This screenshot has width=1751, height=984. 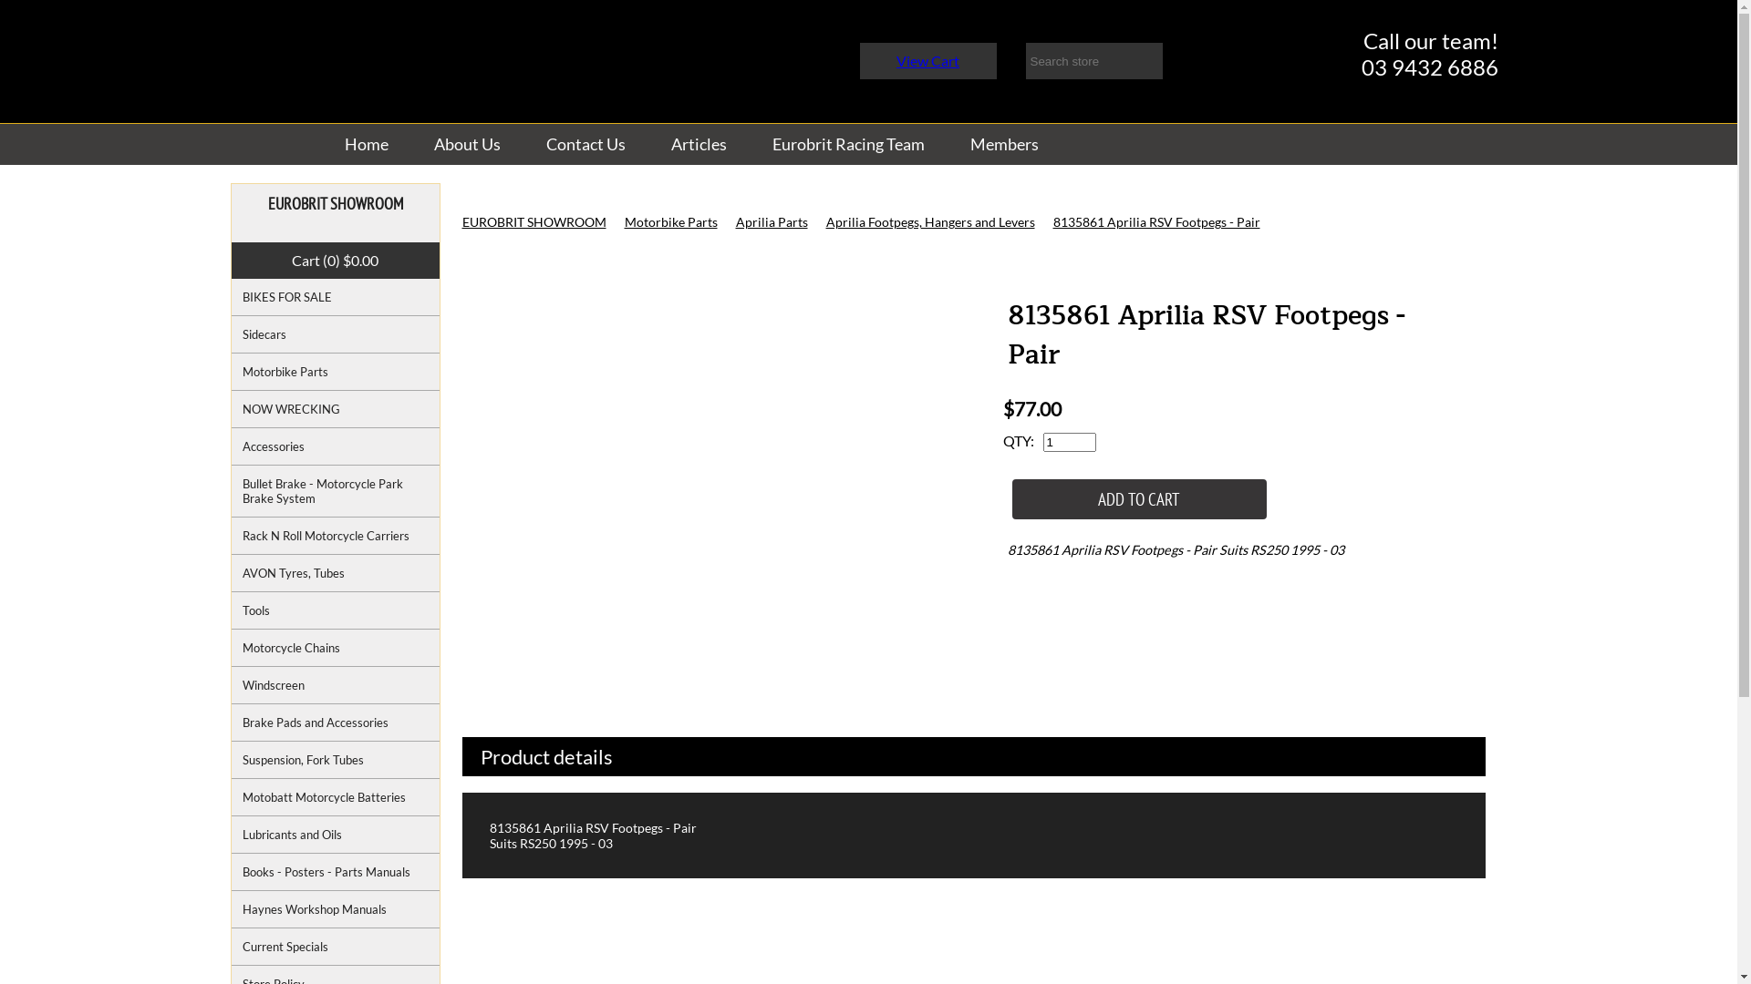 I want to click on 'Current Specials', so click(x=336, y=946).